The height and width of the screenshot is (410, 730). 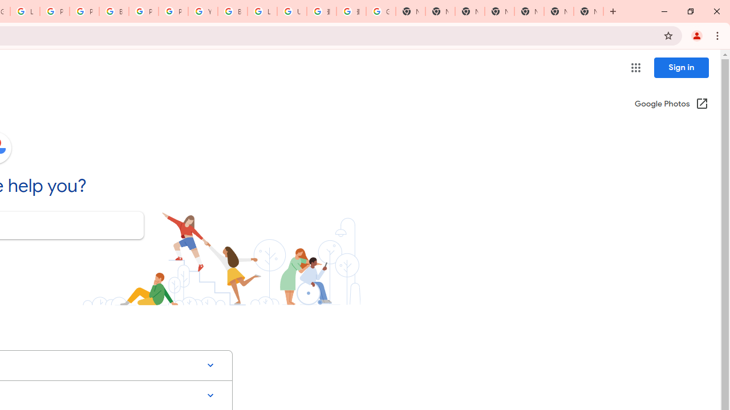 I want to click on 'New Tab', so click(x=589, y=11).